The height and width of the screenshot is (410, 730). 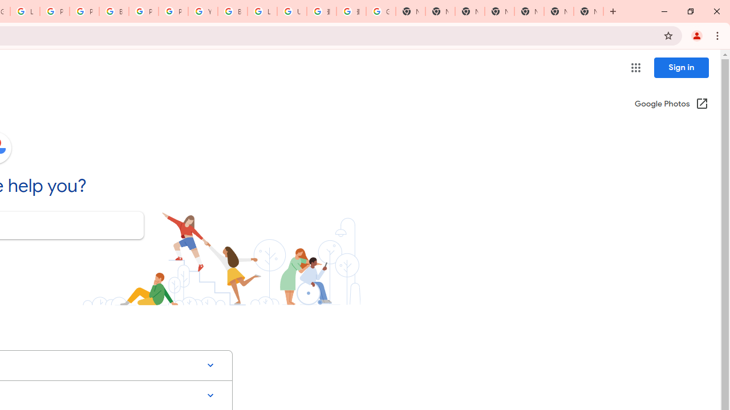 I want to click on 'New Tab', so click(x=589, y=11).